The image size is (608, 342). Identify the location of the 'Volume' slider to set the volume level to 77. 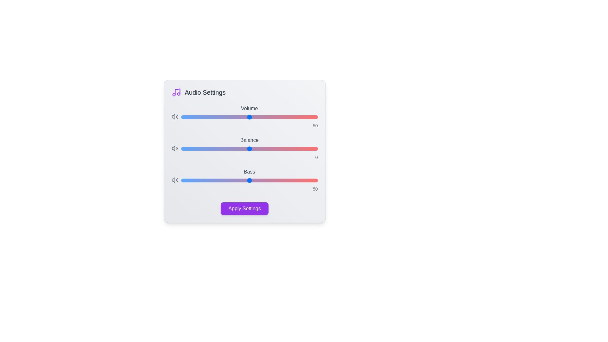
(286, 117).